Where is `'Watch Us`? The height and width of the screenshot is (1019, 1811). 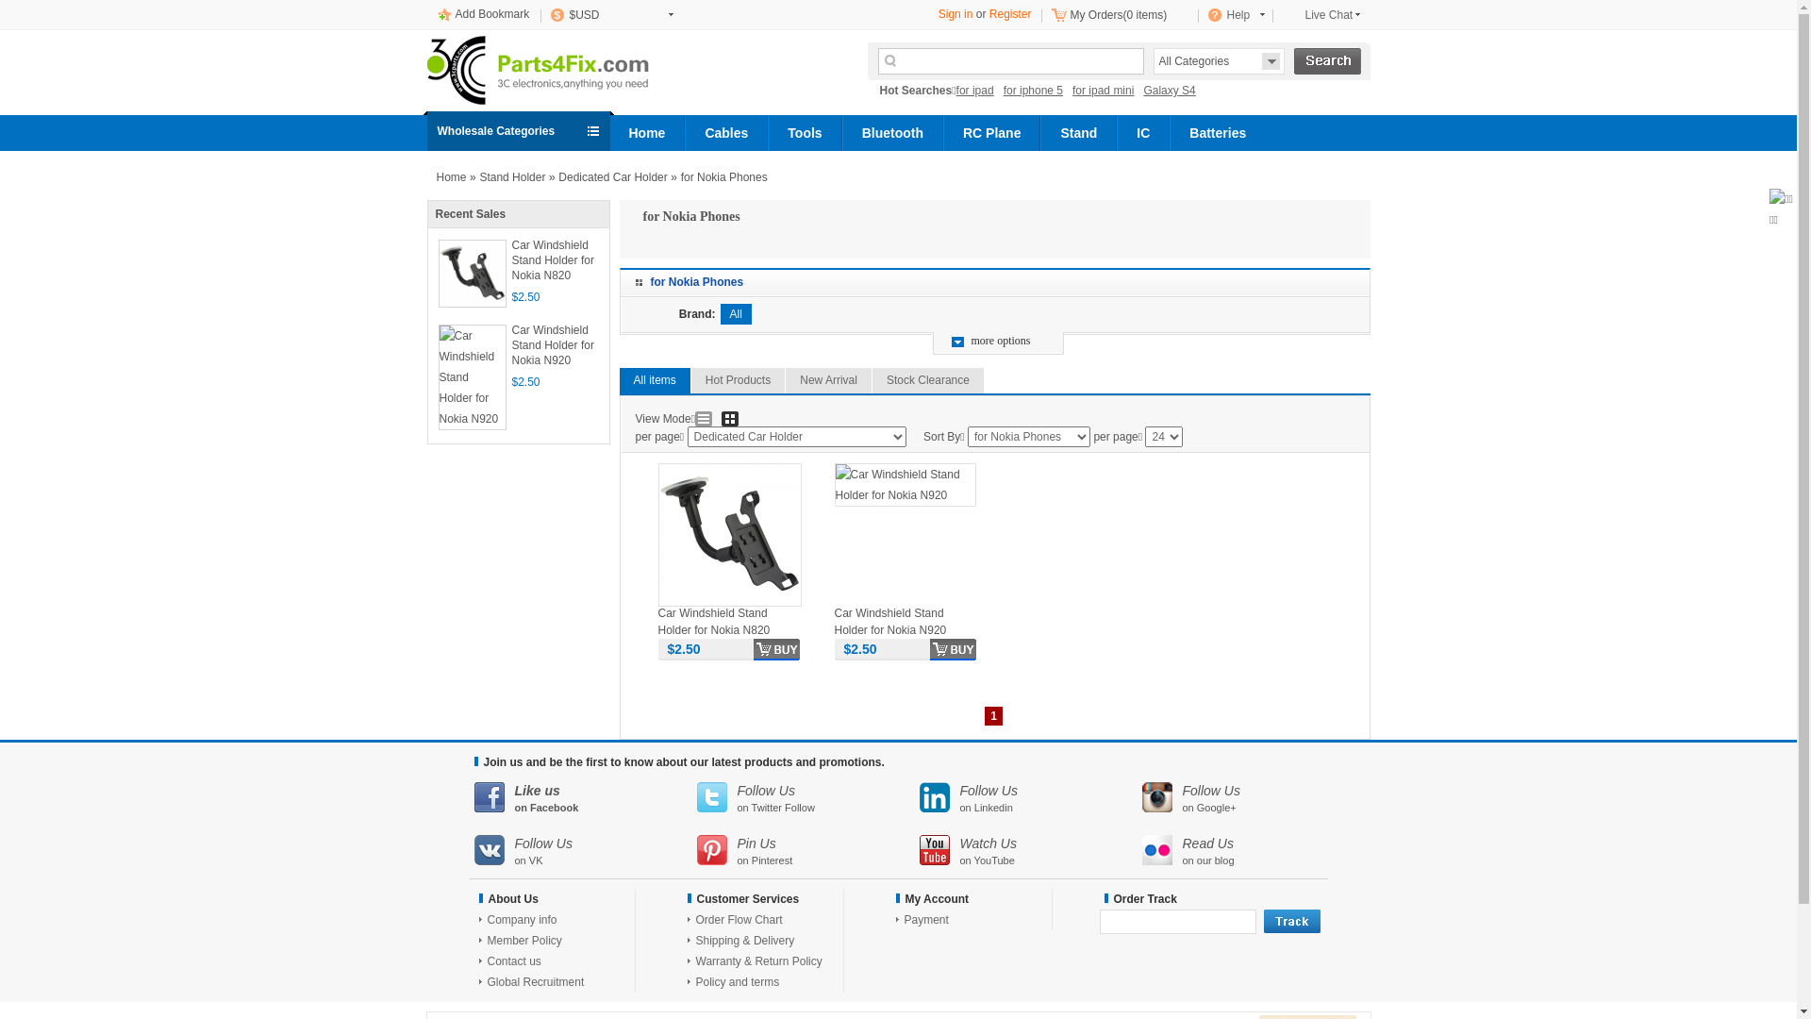
'Watch Us is located at coordinates (1029, 850).